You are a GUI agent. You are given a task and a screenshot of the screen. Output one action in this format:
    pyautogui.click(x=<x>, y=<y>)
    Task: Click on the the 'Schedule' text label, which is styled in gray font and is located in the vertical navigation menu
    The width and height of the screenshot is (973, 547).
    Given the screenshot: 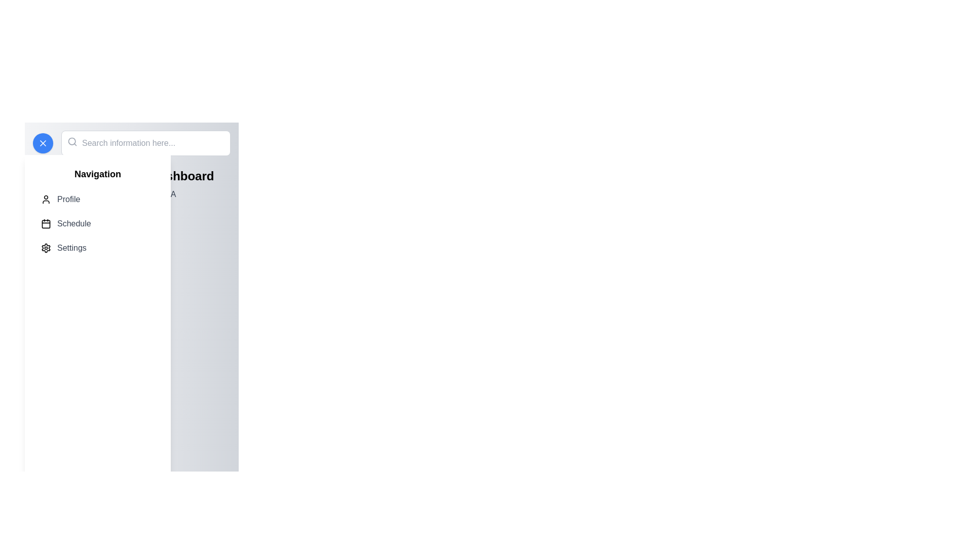 What is the action you would take?
    pyautogui.click(x=73, y=223)
    